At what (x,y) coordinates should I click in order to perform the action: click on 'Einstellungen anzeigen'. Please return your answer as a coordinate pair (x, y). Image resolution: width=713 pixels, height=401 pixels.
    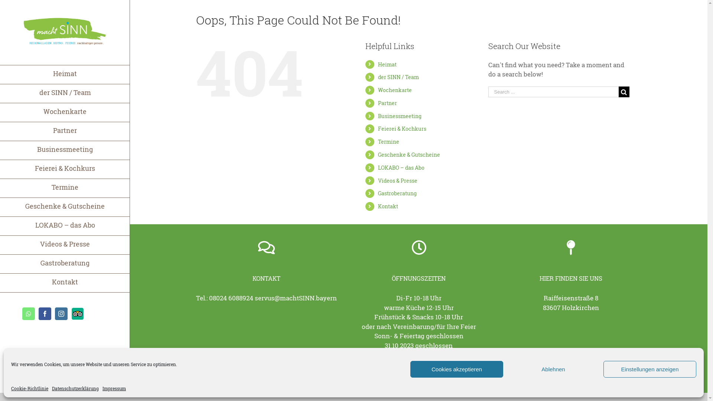
    Looking at the image, I should click on (649, 369).